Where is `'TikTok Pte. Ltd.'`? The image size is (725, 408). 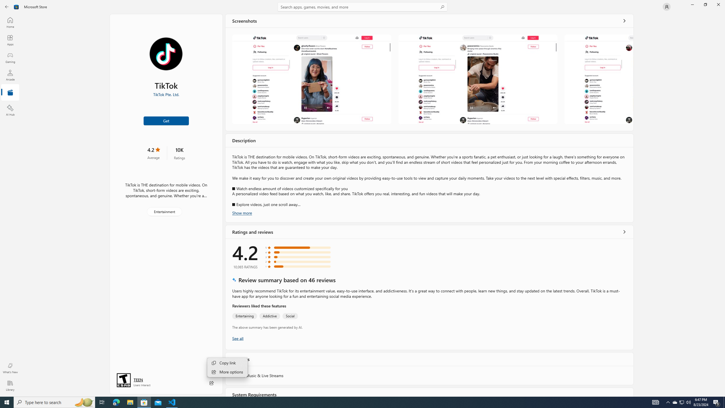
'TikTok Pte. Ltd.' is located at coordinates (166, 94).